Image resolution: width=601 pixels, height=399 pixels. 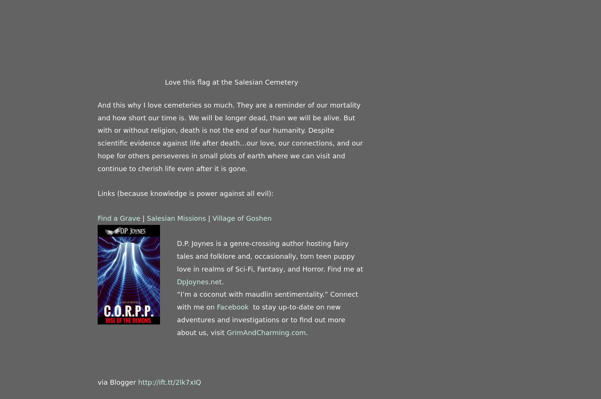 What do you see at coordinates (261, 319) in the screenshot?
I see `'to stay up-to-date on new adventures and investigations or to find out more about us, visit'` at bounding box center [261, 319].